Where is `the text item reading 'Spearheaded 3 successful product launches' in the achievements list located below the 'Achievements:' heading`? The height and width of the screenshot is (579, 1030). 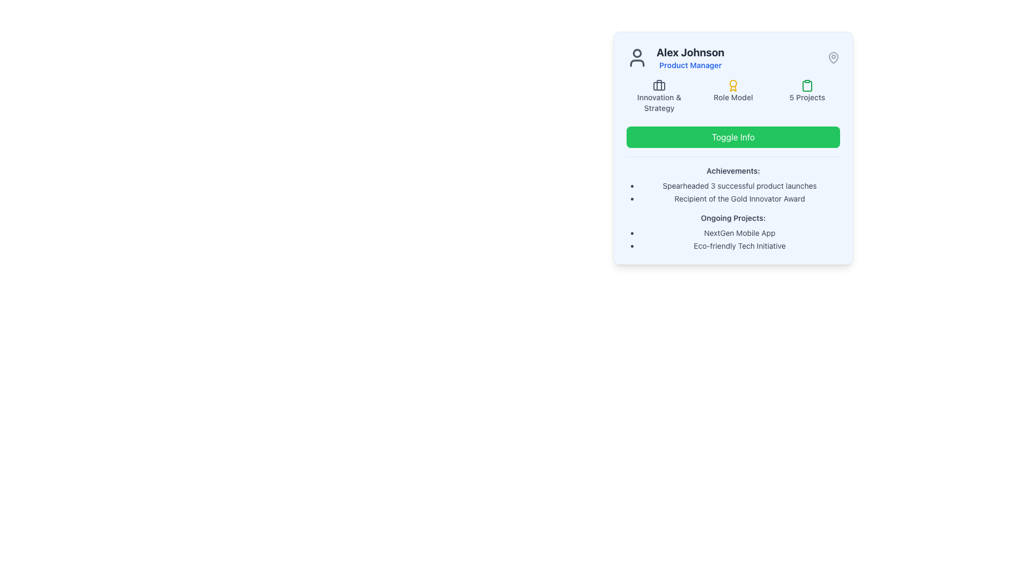 the text item reading 'Spearheaded 3 successful product launches' in the achievements list located below the 'Achievements:' heading is located at coordinates (739, 185).